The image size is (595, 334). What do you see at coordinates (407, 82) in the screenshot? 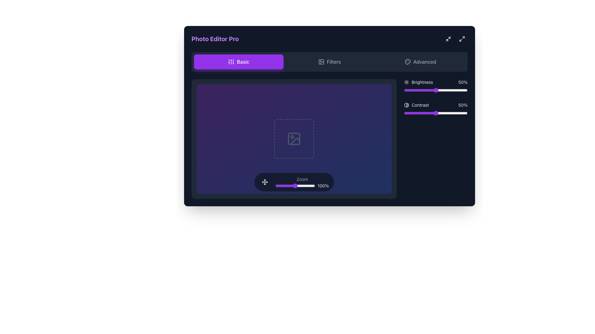
I see `the sun-shaped icon located in the top-right section of the interface, to the left of the 'Brightness' label` at bounding box center [407, 82].